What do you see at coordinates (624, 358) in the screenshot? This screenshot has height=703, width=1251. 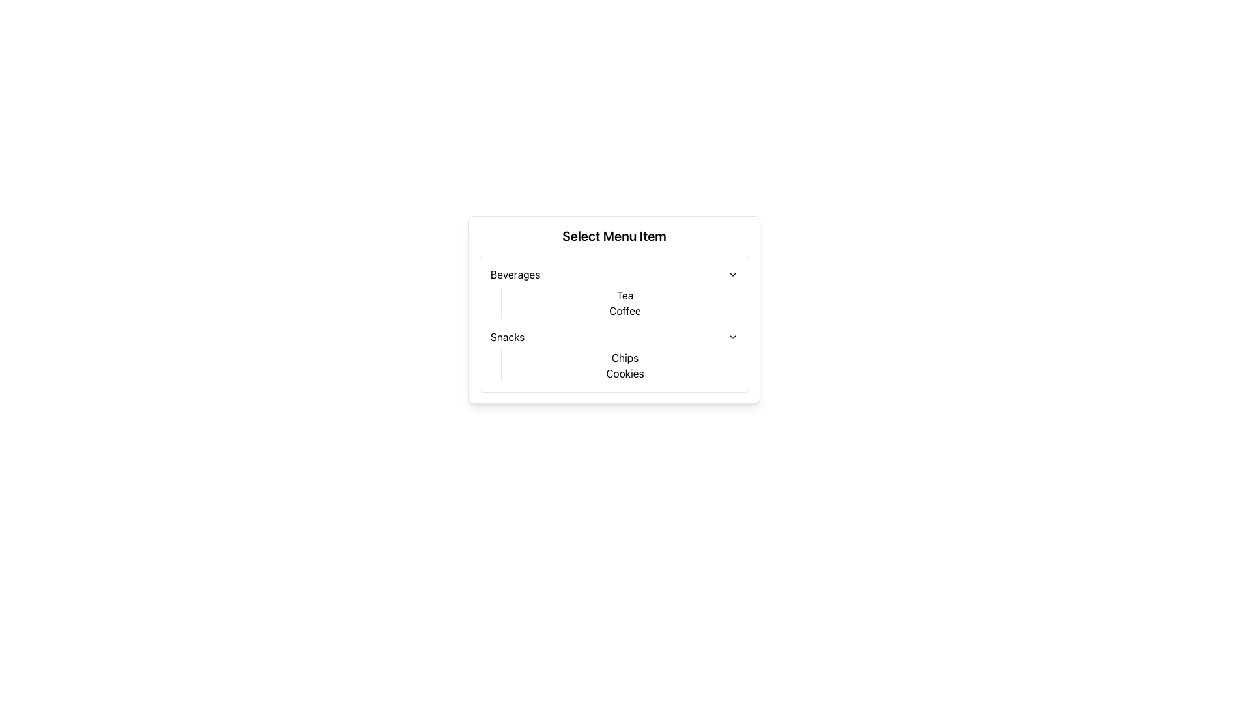 I see `the text label displaying the word 'Chips'` at bounding box center [624, 358].